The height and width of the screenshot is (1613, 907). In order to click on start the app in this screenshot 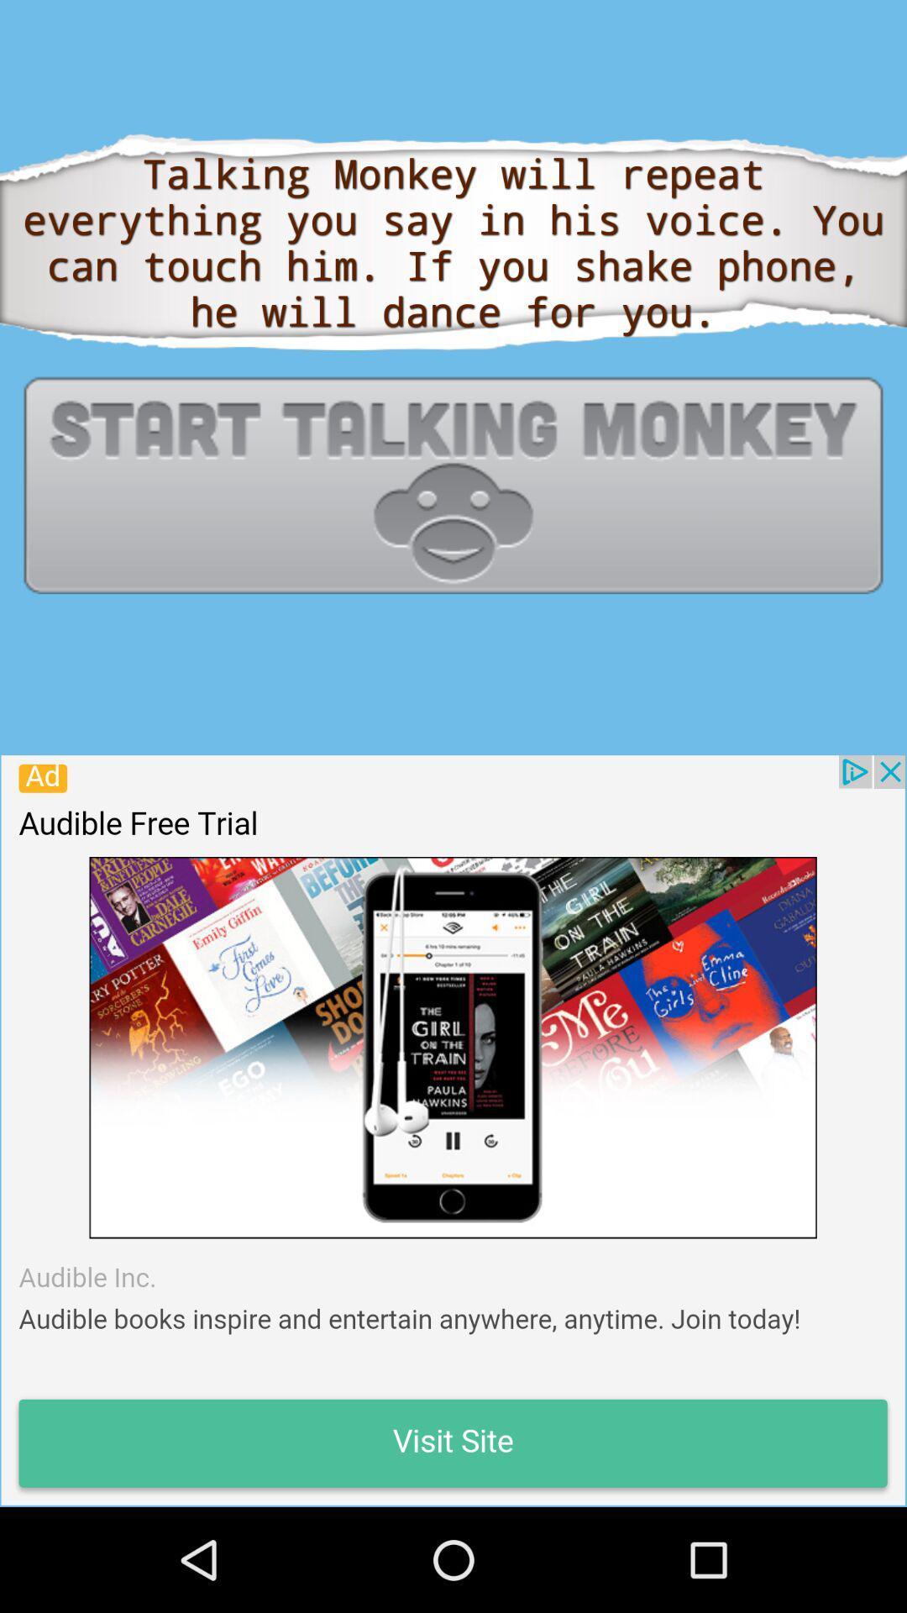, I will do `click(453, 484)`.